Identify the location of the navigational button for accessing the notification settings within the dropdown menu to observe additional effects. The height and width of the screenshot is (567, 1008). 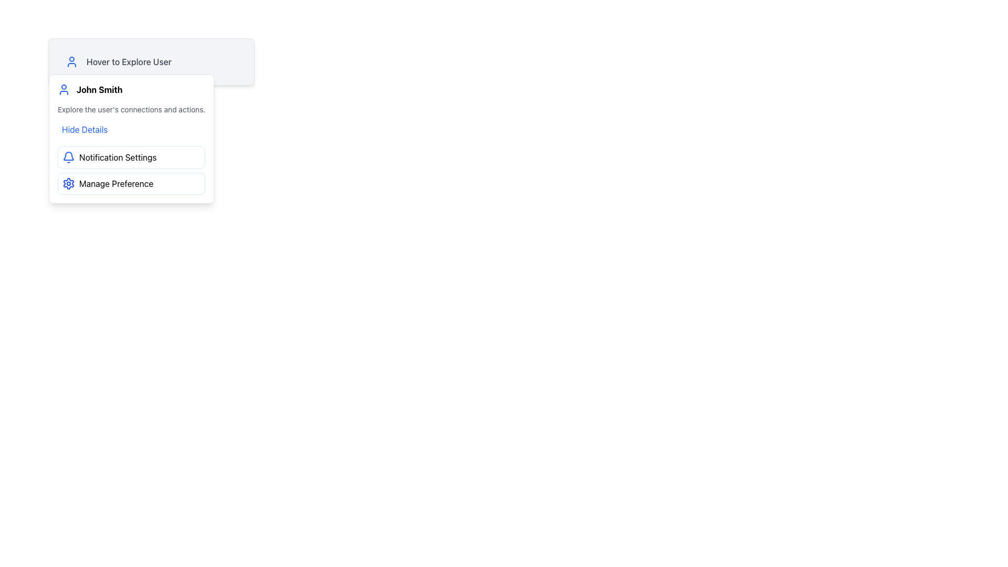
(131, 157).